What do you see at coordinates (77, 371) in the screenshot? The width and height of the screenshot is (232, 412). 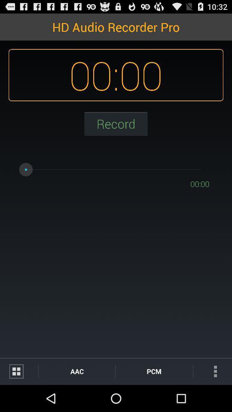 I see `the item to the left of pcm item` at bounding box center [77, 371].